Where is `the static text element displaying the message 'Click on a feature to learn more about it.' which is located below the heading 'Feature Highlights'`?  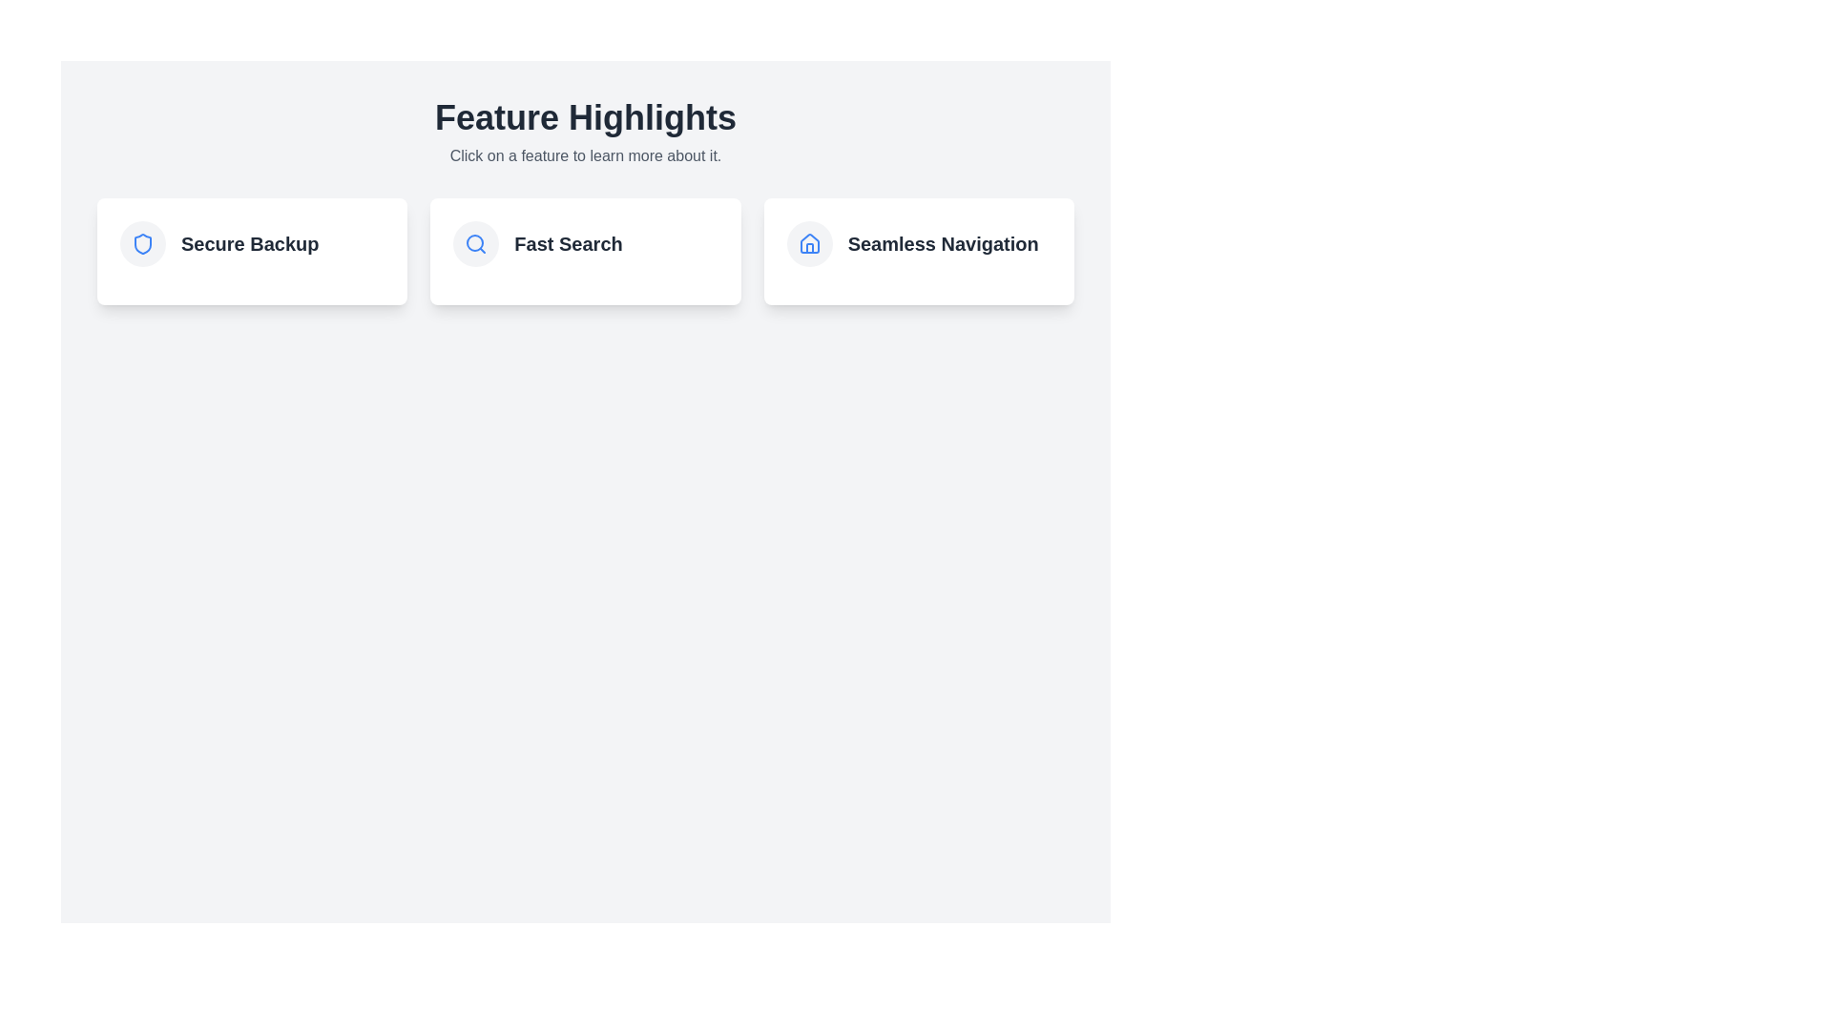
the static text element displaying the message 'Click on a feature to learn more about it.' which is located below the heading 'Feature Highlights' is located at coordinates (585, 155).